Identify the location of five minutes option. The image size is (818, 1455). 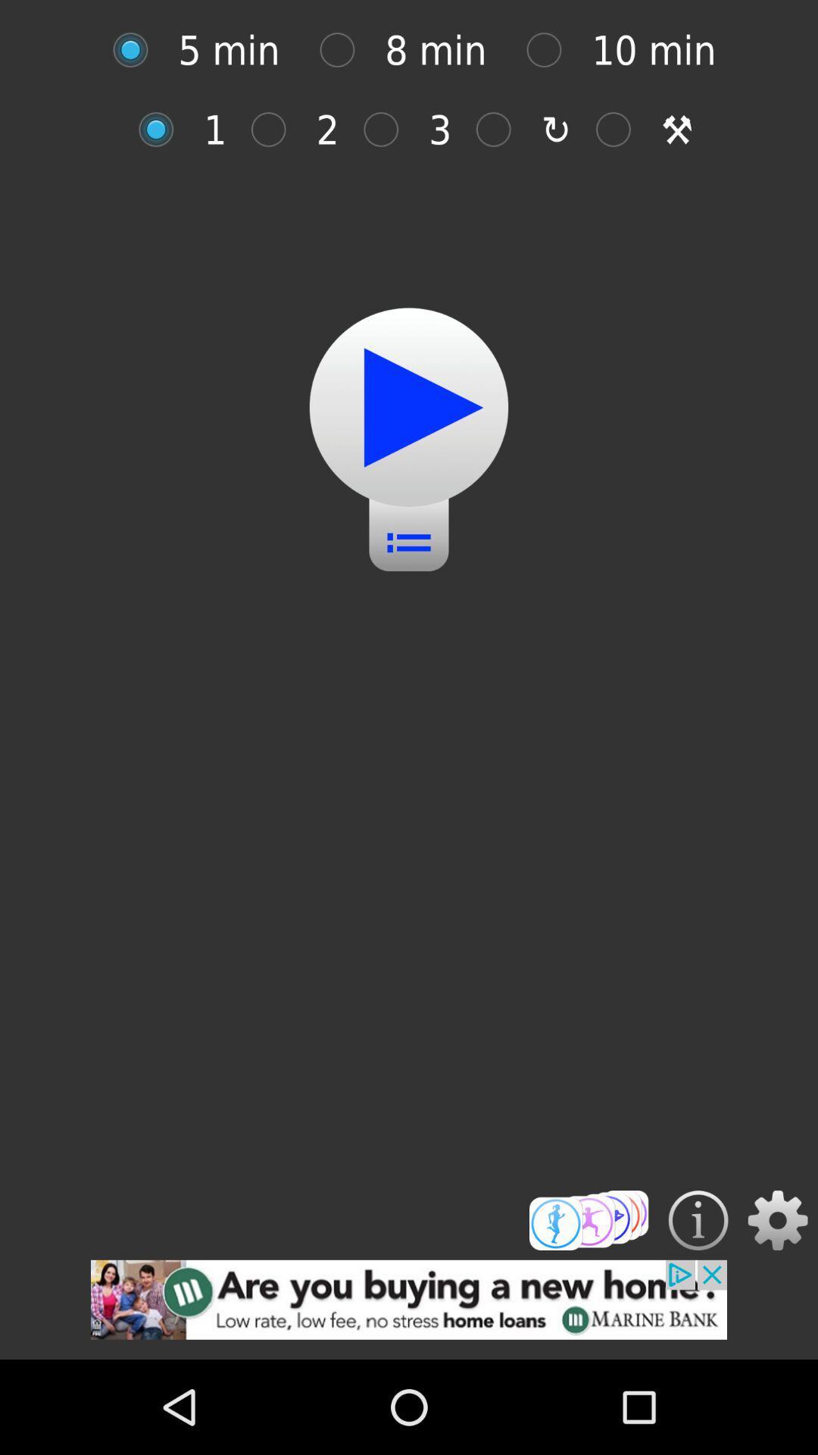
(138, 50).